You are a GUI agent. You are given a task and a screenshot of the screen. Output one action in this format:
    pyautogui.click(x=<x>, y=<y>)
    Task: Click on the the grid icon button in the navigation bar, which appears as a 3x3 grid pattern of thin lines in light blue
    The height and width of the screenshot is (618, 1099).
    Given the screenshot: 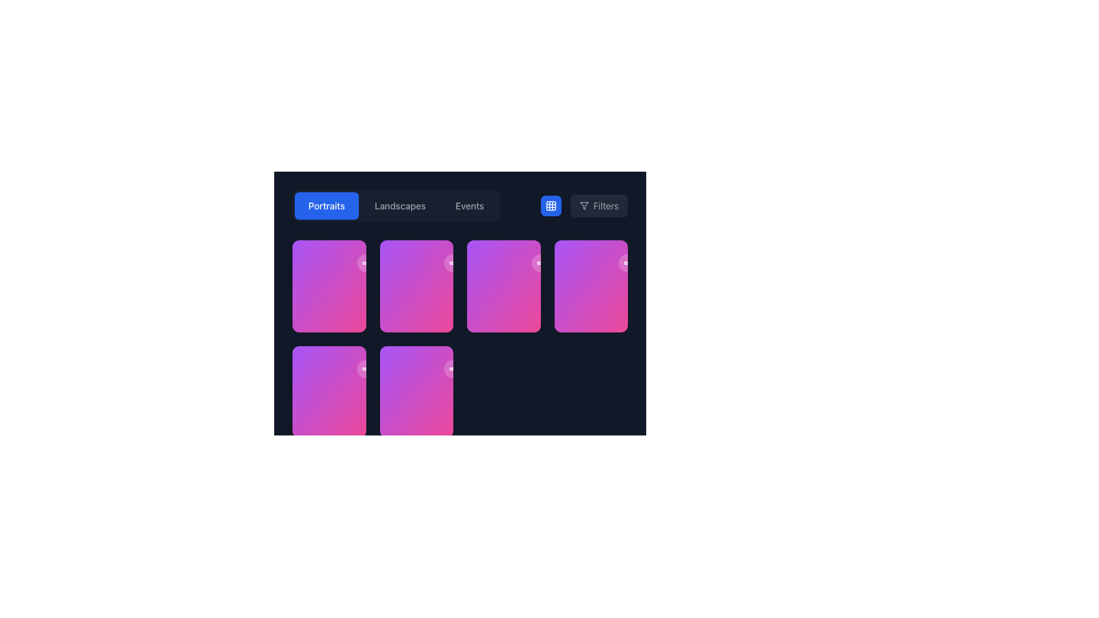 What is the action you would take?
    pyautogui.click(x=551, y=205)
    